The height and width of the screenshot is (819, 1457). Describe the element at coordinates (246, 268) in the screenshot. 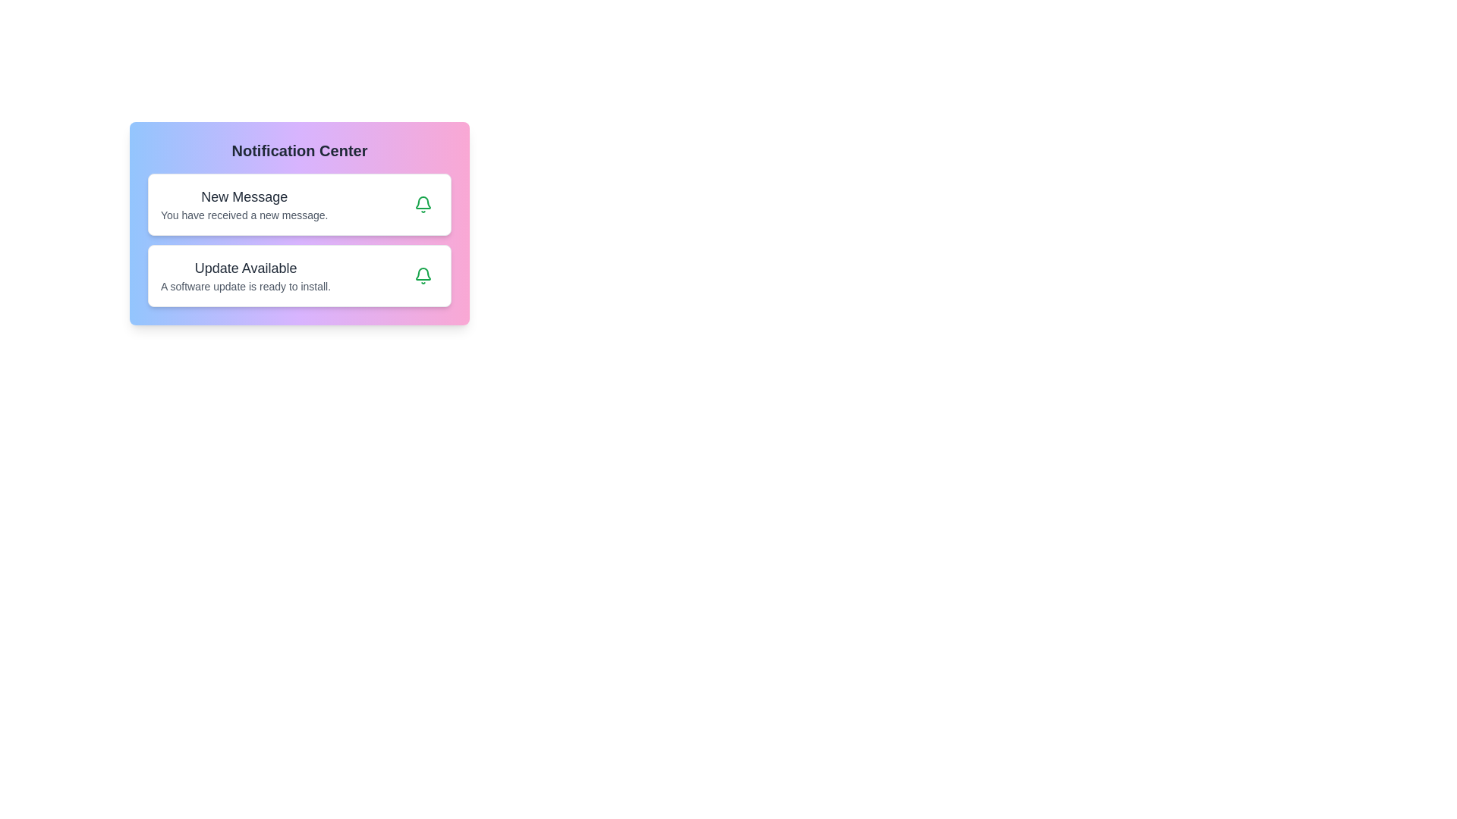

I see `the text label displaying 'Update Available', which is positioned at the top of the second notification card in the 'Notification Center'` at that location.